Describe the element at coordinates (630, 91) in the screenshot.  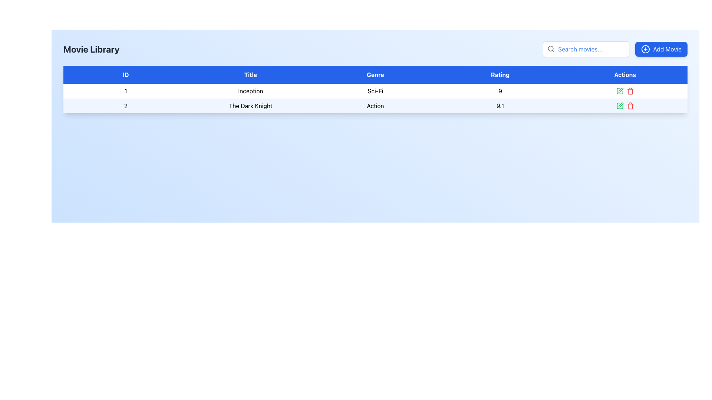
I see `the delete button in the 'Actions' column of the second row of the 'Movie Library' section, which is the second icon after the green pencil icon` at that location.